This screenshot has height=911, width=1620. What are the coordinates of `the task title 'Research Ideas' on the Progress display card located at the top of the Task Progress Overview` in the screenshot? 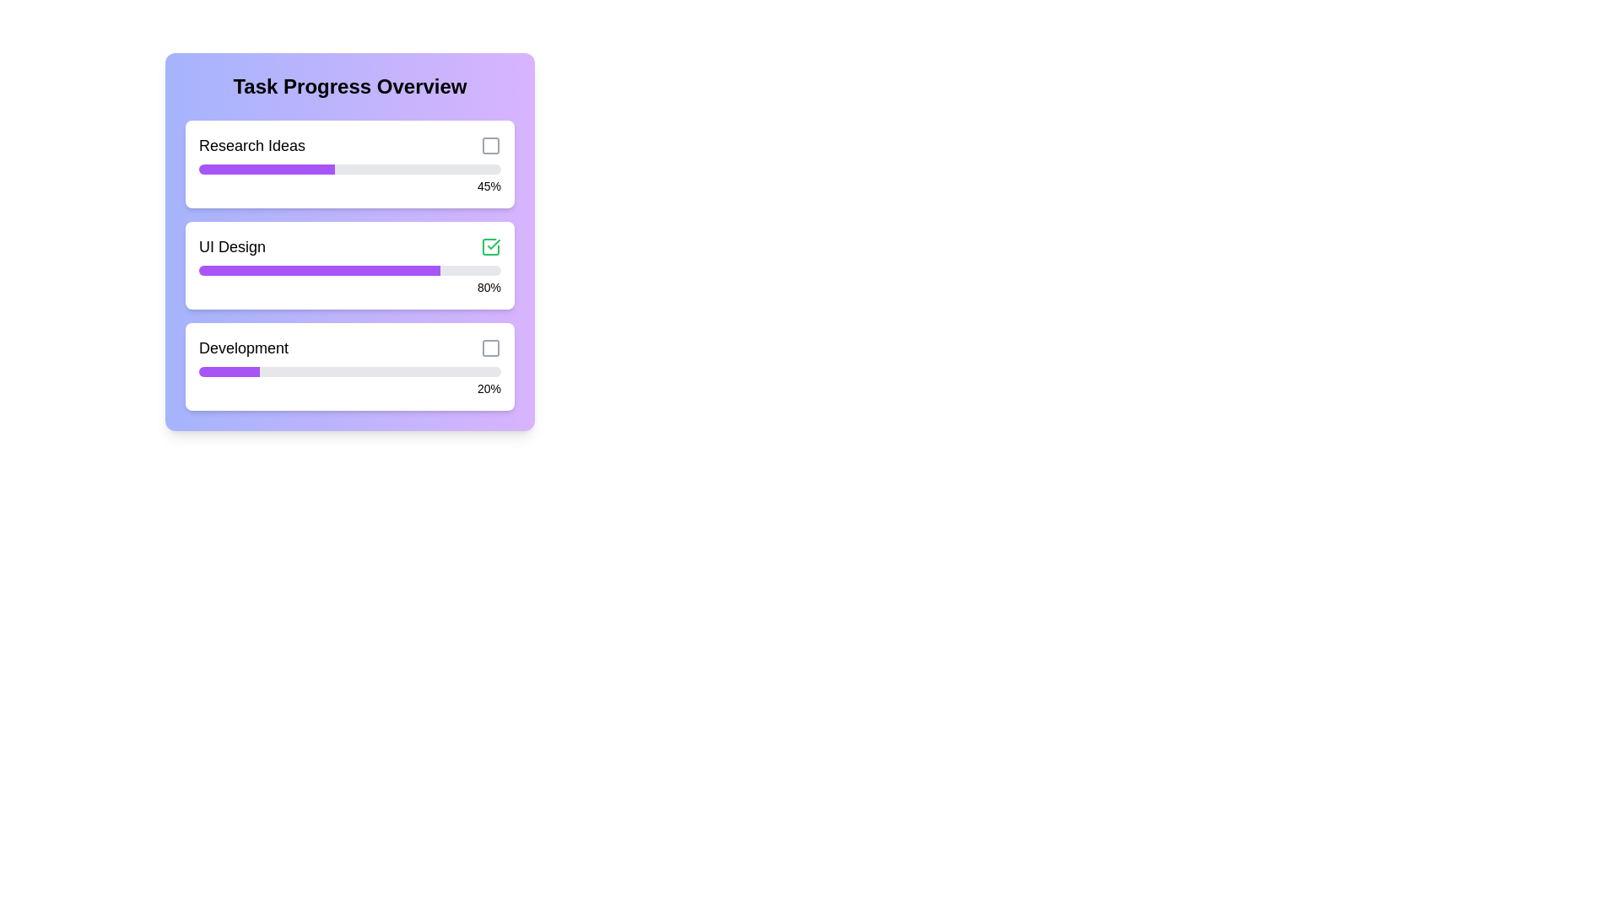 It's located at (348, 164).